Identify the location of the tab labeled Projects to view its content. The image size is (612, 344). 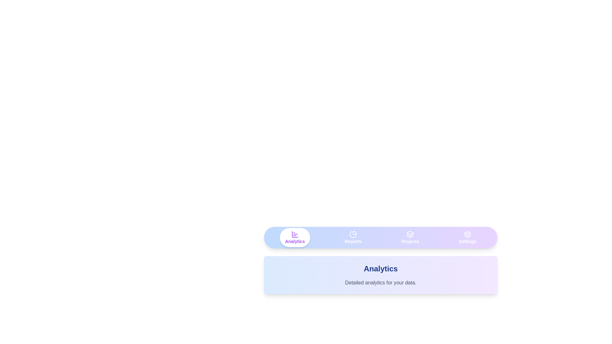
(410, 237).